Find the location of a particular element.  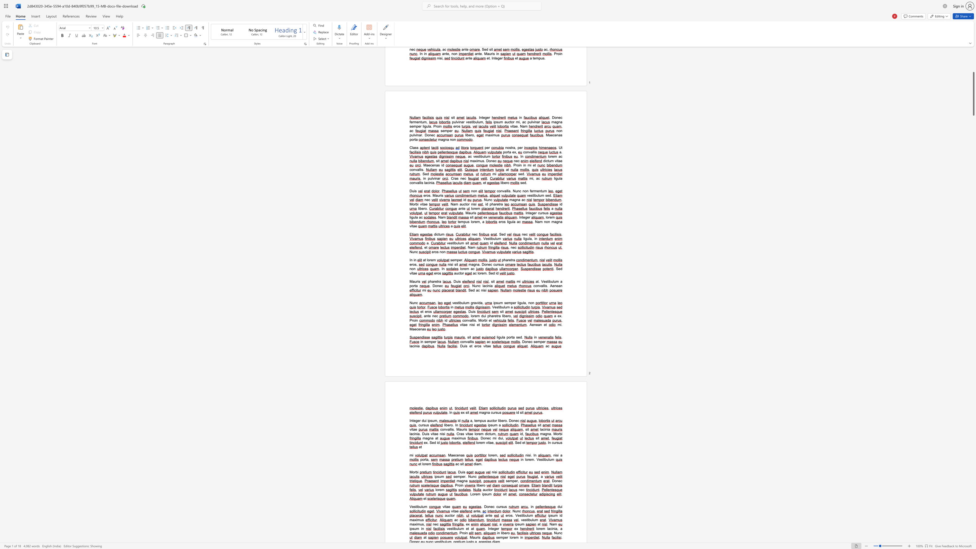

the 4th character "r" in the text is located at coordinates (508, 316).